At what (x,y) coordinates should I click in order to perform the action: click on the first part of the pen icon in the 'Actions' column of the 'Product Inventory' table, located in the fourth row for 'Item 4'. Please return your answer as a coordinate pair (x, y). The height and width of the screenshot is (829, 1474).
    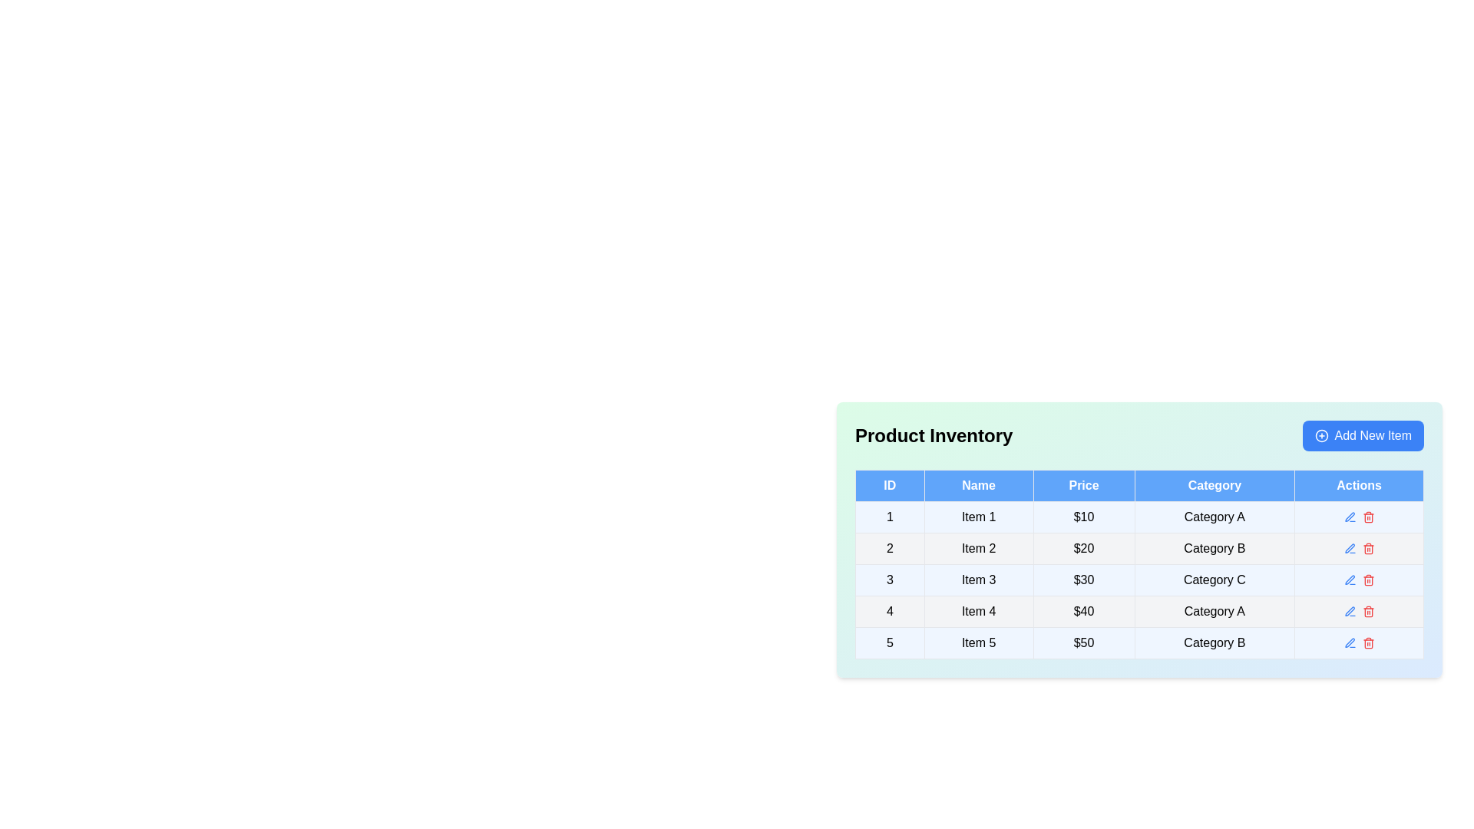
    Looking at the image, I should click on (1349, 610).